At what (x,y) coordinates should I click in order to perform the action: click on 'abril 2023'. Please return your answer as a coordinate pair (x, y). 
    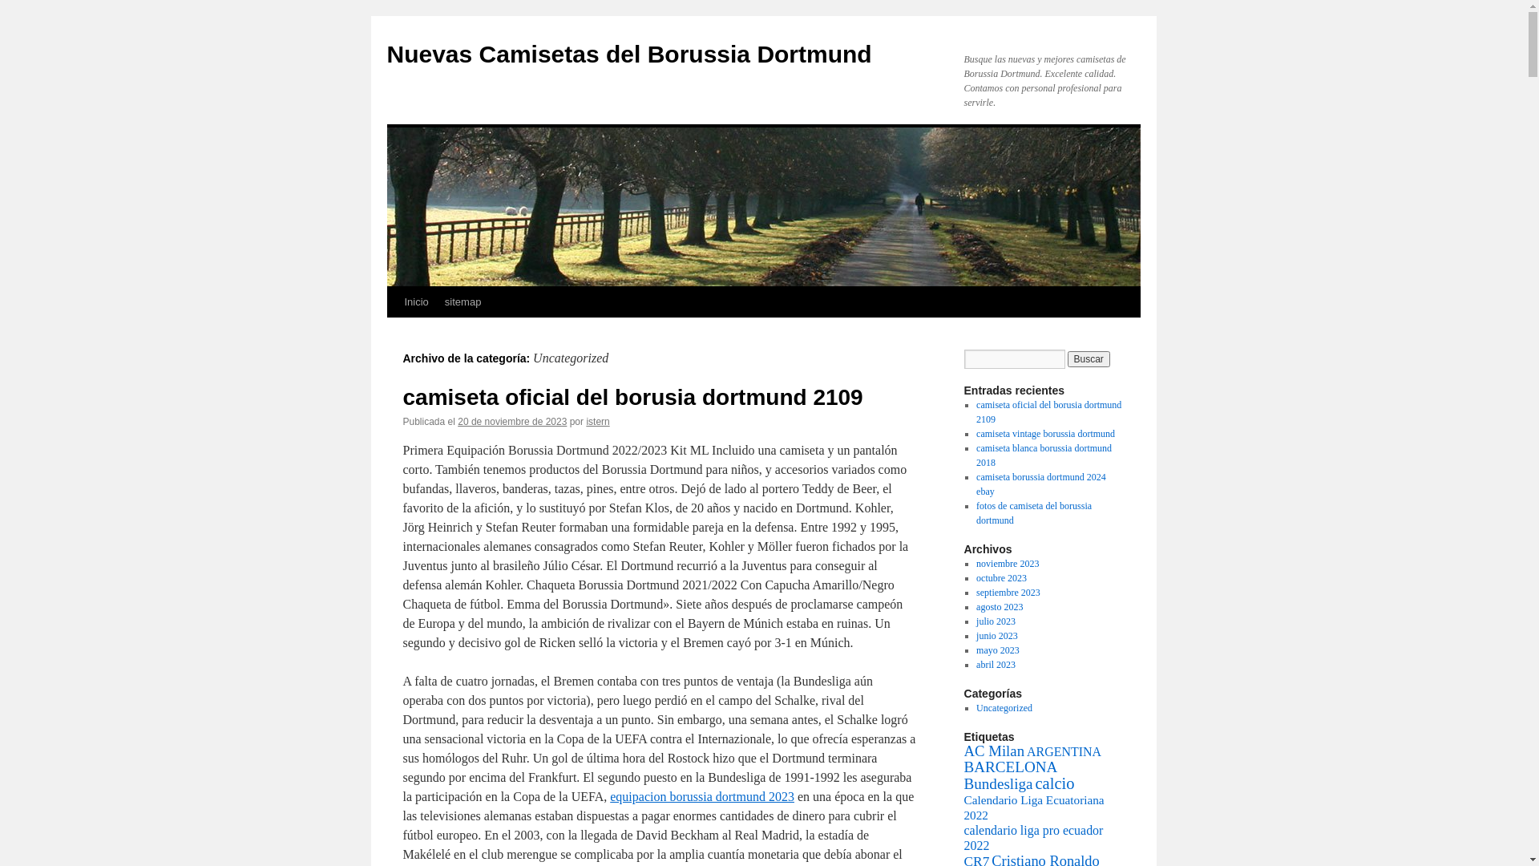
    Looking at the image, I should click on (995, 665).